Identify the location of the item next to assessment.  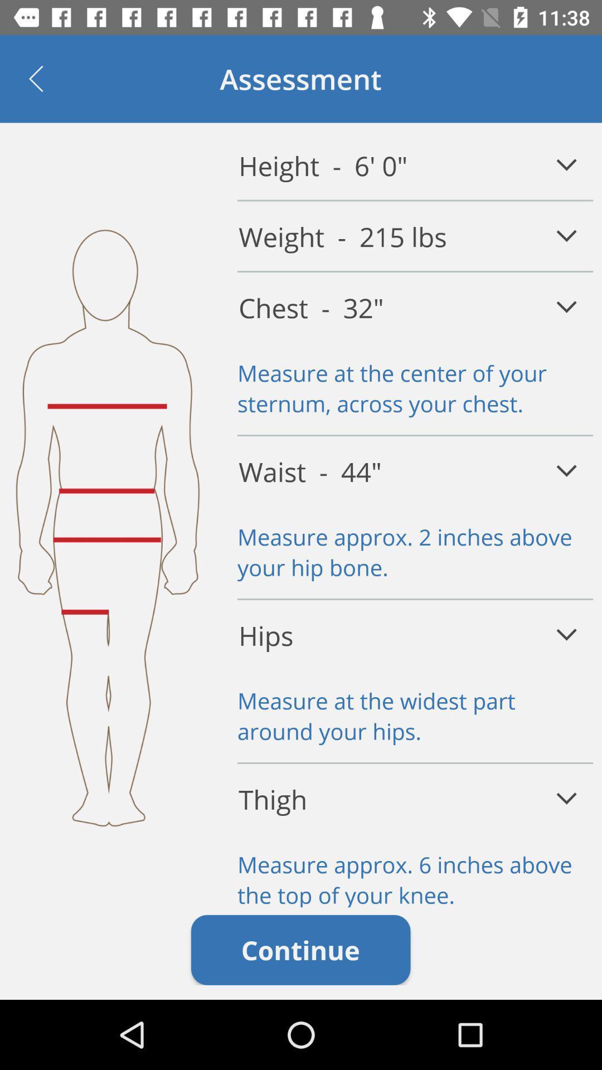
(35, 78).